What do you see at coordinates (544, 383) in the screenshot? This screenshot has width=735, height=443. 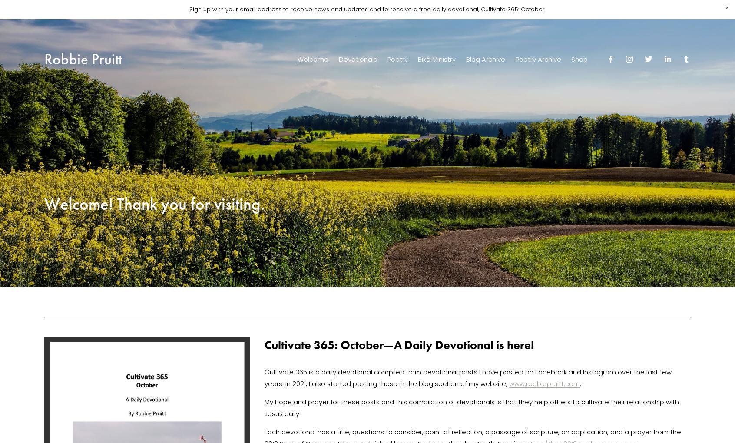 I see `'www.robbiepruitt.com'` at bounding box center [544, 383].